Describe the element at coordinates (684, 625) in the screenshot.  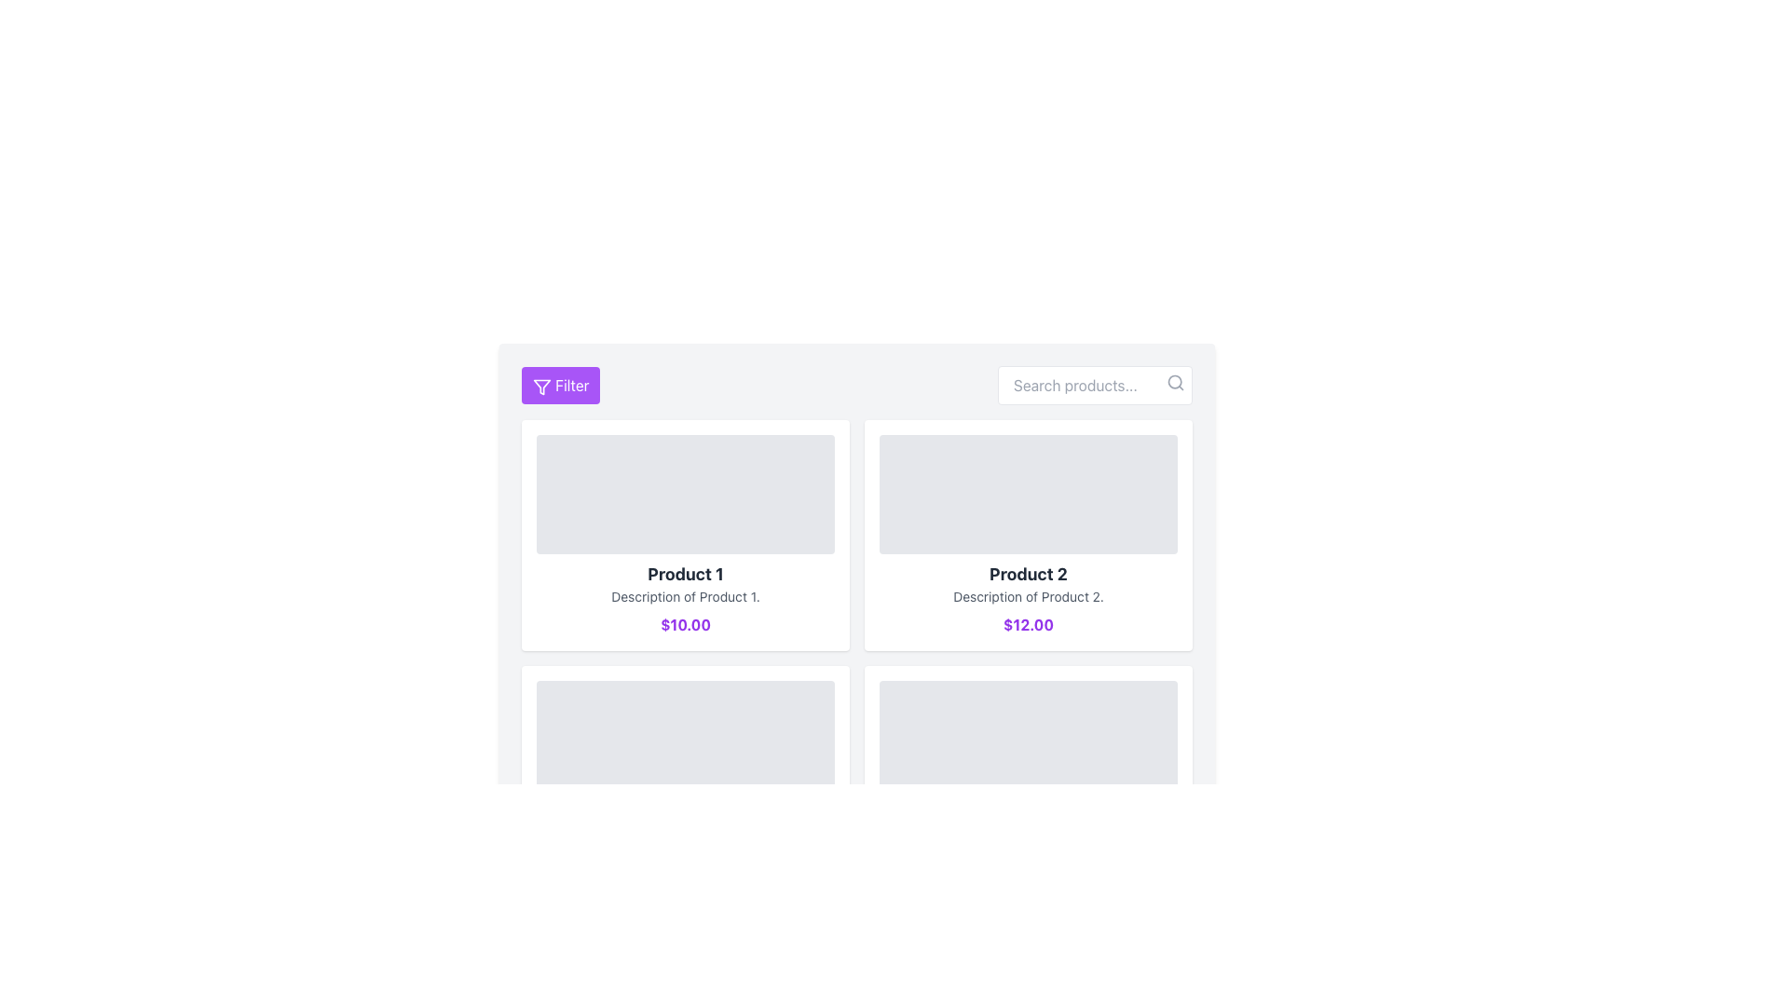
I see `price displayed in the Text Display element located below 'Description of Product 1' and centered within the 'Product 1' card` at that location.